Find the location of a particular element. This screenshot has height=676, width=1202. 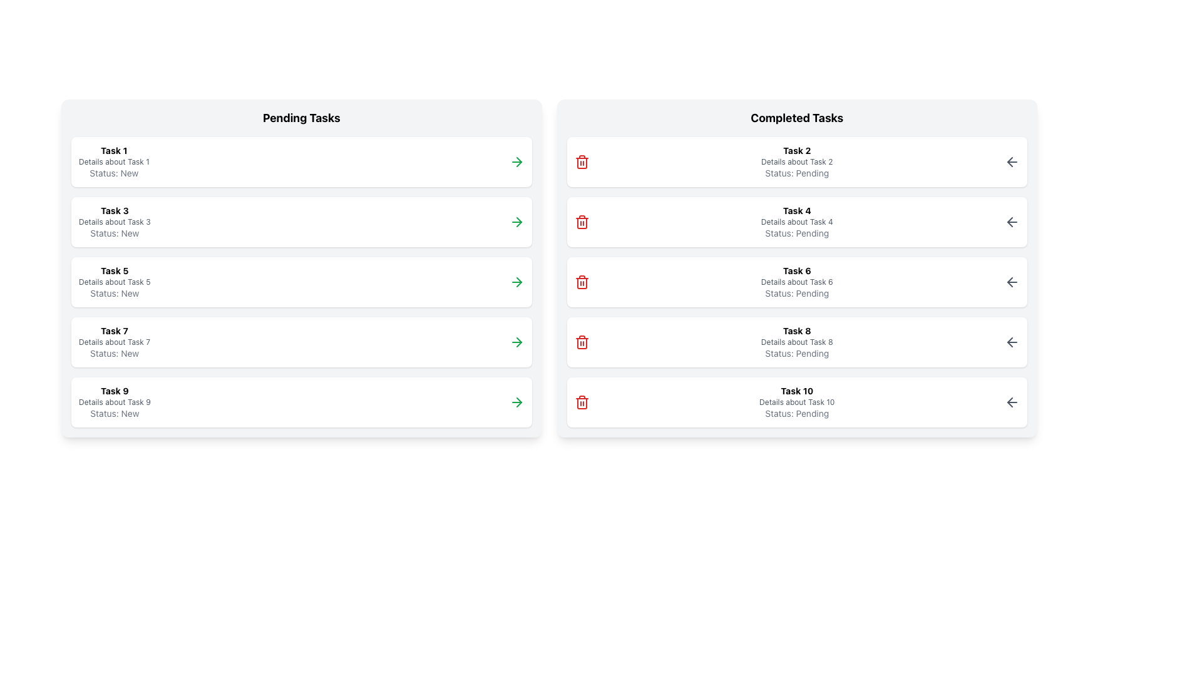

or focus on the second task card in the 'Pending Tasks' section, which provides details about 'Task 3' is located at coordinates (301, 221).